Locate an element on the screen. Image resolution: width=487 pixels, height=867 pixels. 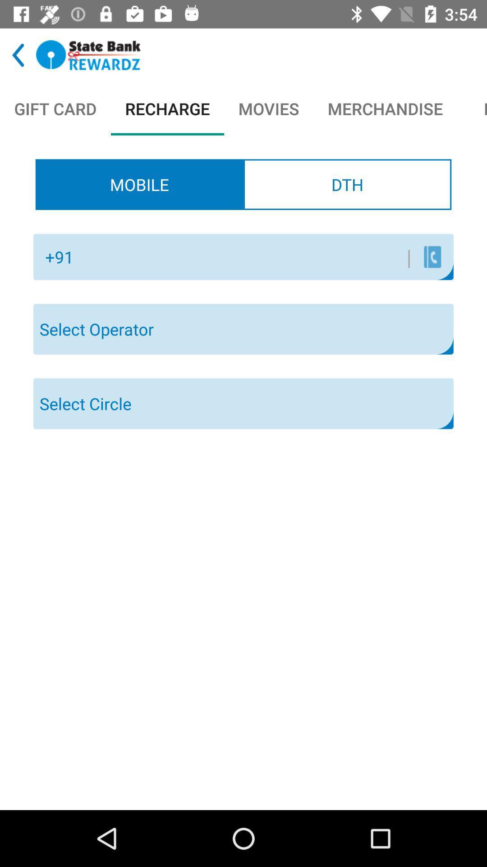
type phone number is located at coordinates (246, 256).